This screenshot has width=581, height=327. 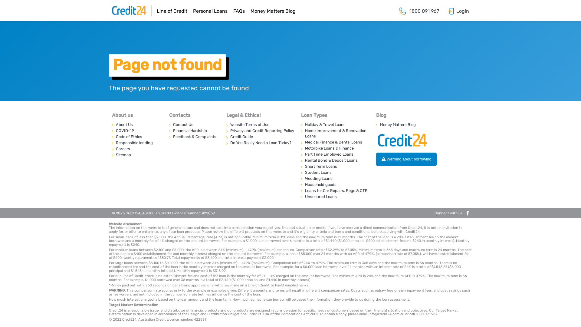 What do you see at coordinates (136, 149) in the screenshot?
I see `'Careers'` at bounding box center [136, 149].